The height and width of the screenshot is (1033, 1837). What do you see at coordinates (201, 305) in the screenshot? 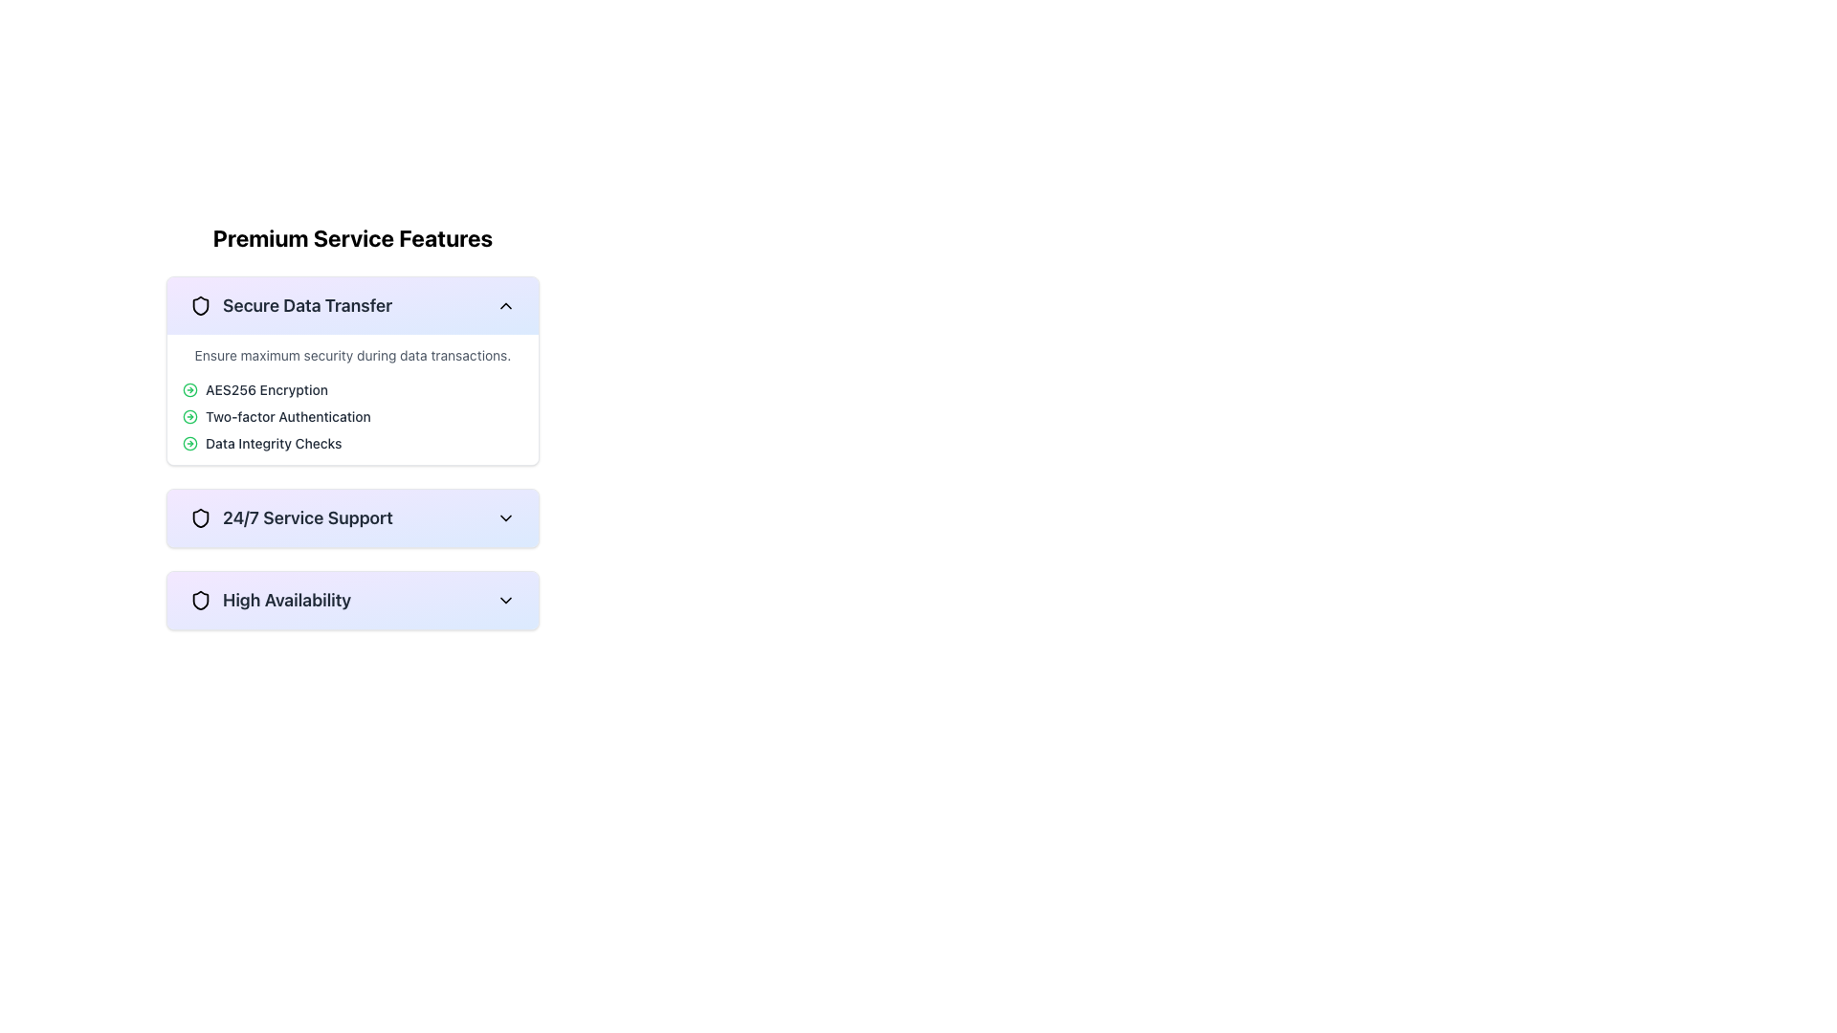
I see `the shield icon located on the 'Secure Data Transfer' card in the 'Premium Service Features' section` at bounding box center [201, 305].